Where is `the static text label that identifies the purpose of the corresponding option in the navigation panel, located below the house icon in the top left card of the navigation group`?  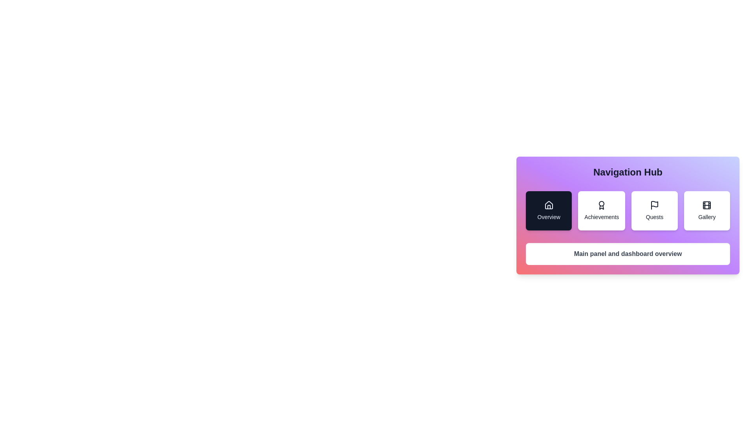
the static text label that identifies the purpose of the corresponding option in the navigation panel, located below the house icon in the top left card of the navigation group is located at coordinates (548, 217).